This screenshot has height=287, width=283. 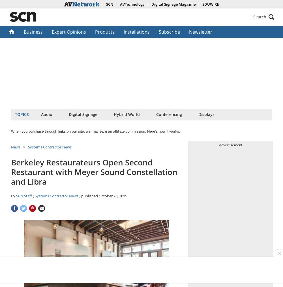 I want to click on '.', so click(x=179, y=131).